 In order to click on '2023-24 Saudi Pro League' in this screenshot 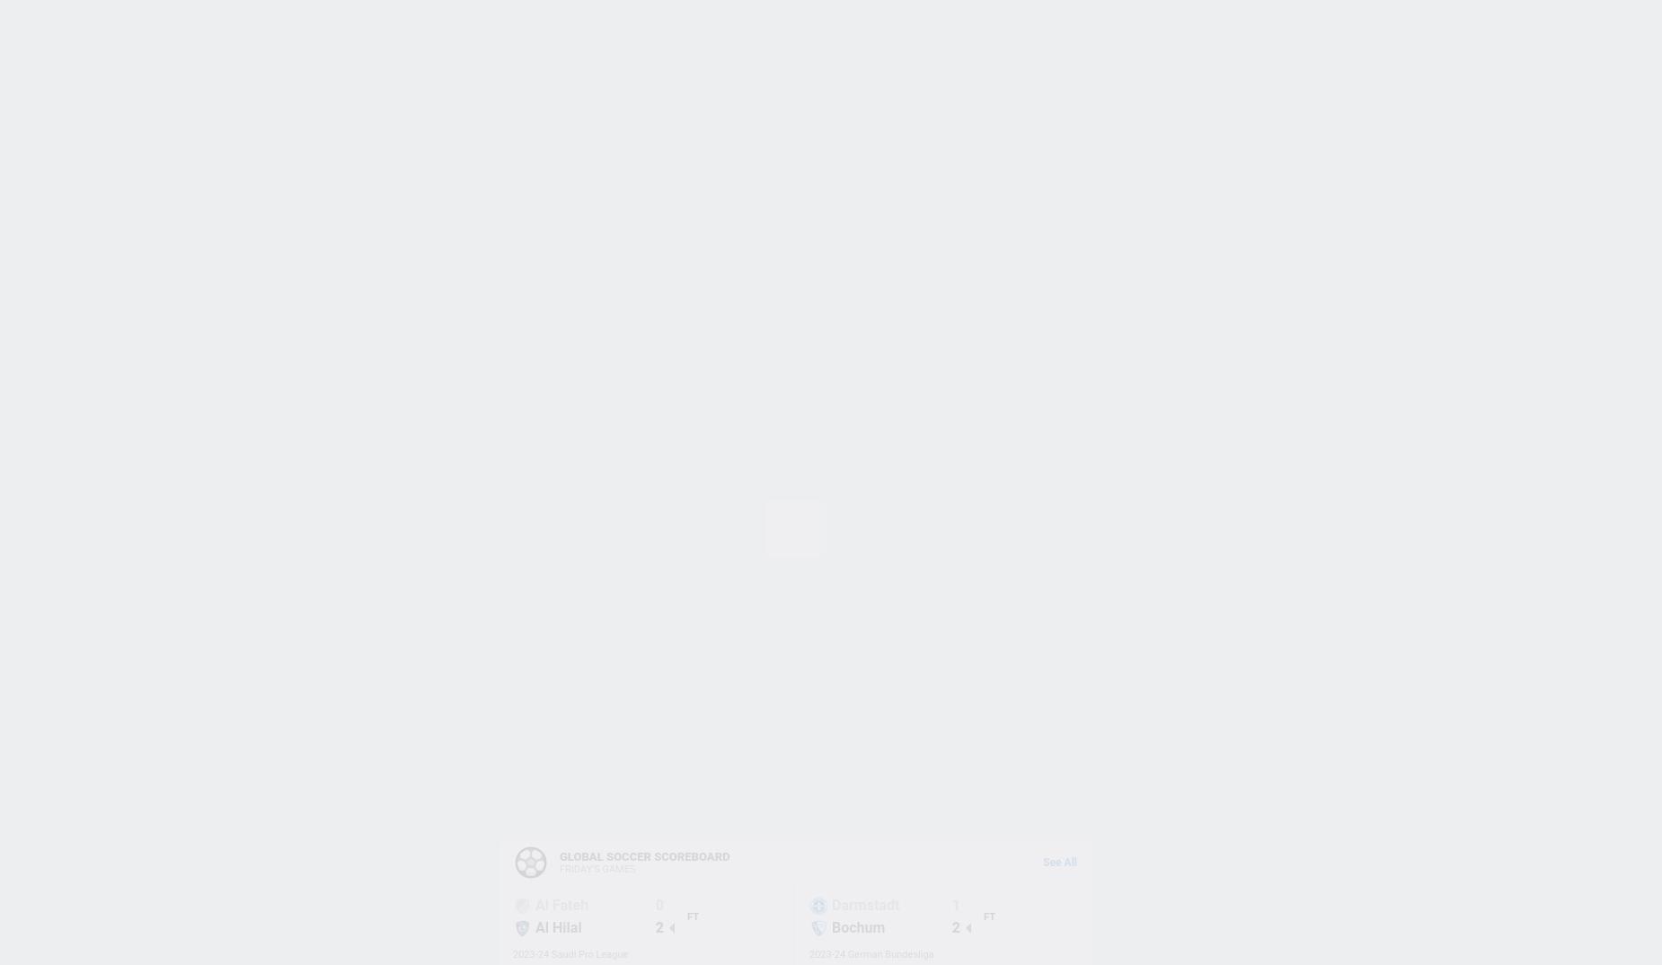, I will do `click(512, 953)`.